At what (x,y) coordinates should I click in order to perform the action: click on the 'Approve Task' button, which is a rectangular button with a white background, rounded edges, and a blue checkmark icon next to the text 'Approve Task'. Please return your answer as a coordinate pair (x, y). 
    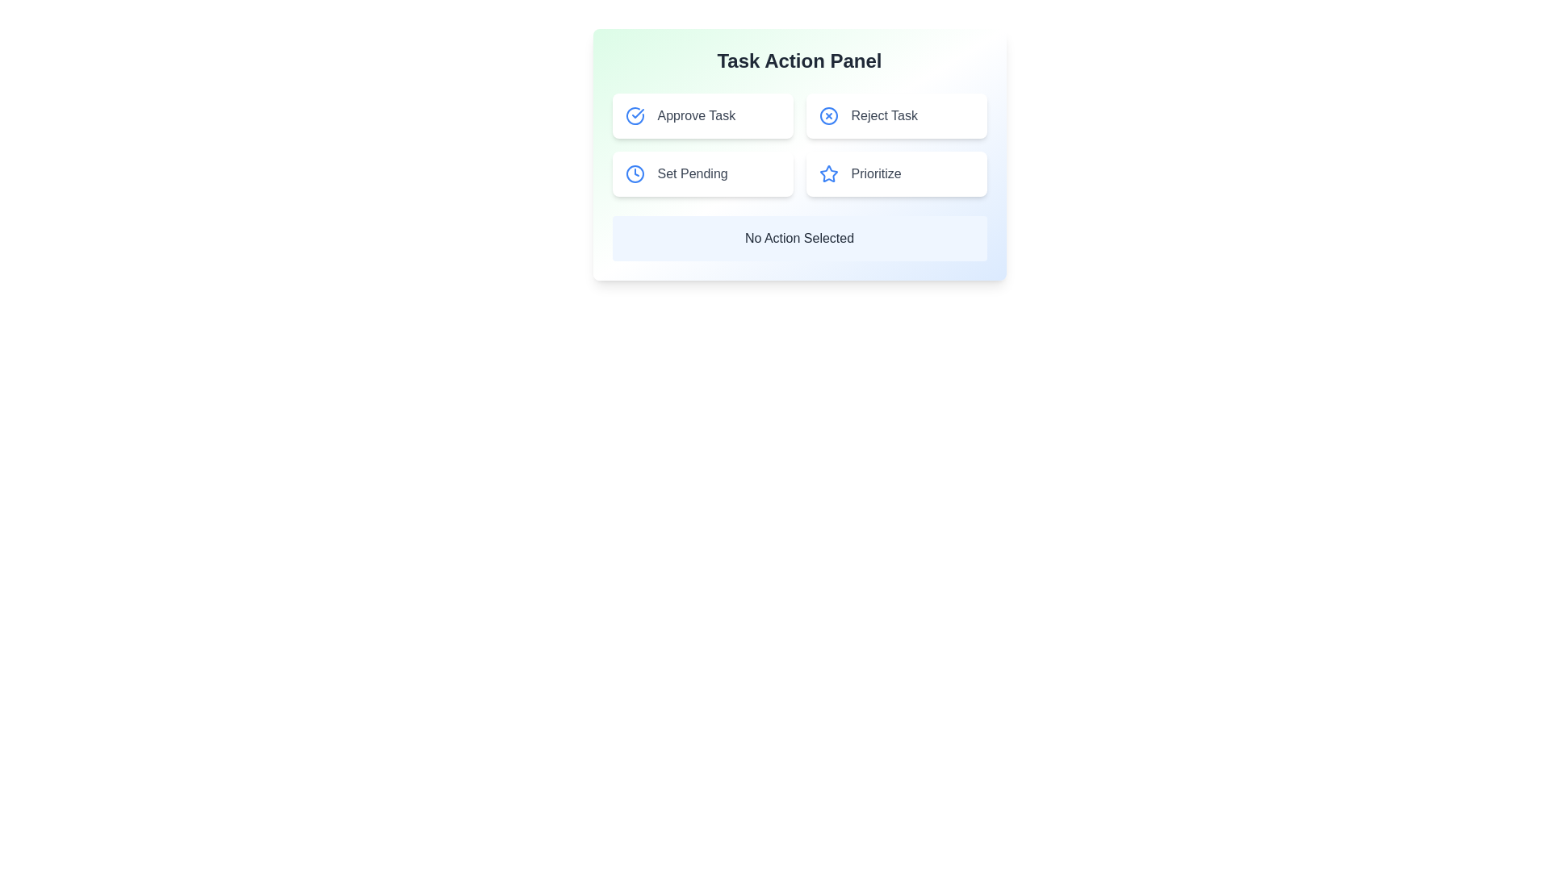
    Looking at the image, I should click on (702, 115).